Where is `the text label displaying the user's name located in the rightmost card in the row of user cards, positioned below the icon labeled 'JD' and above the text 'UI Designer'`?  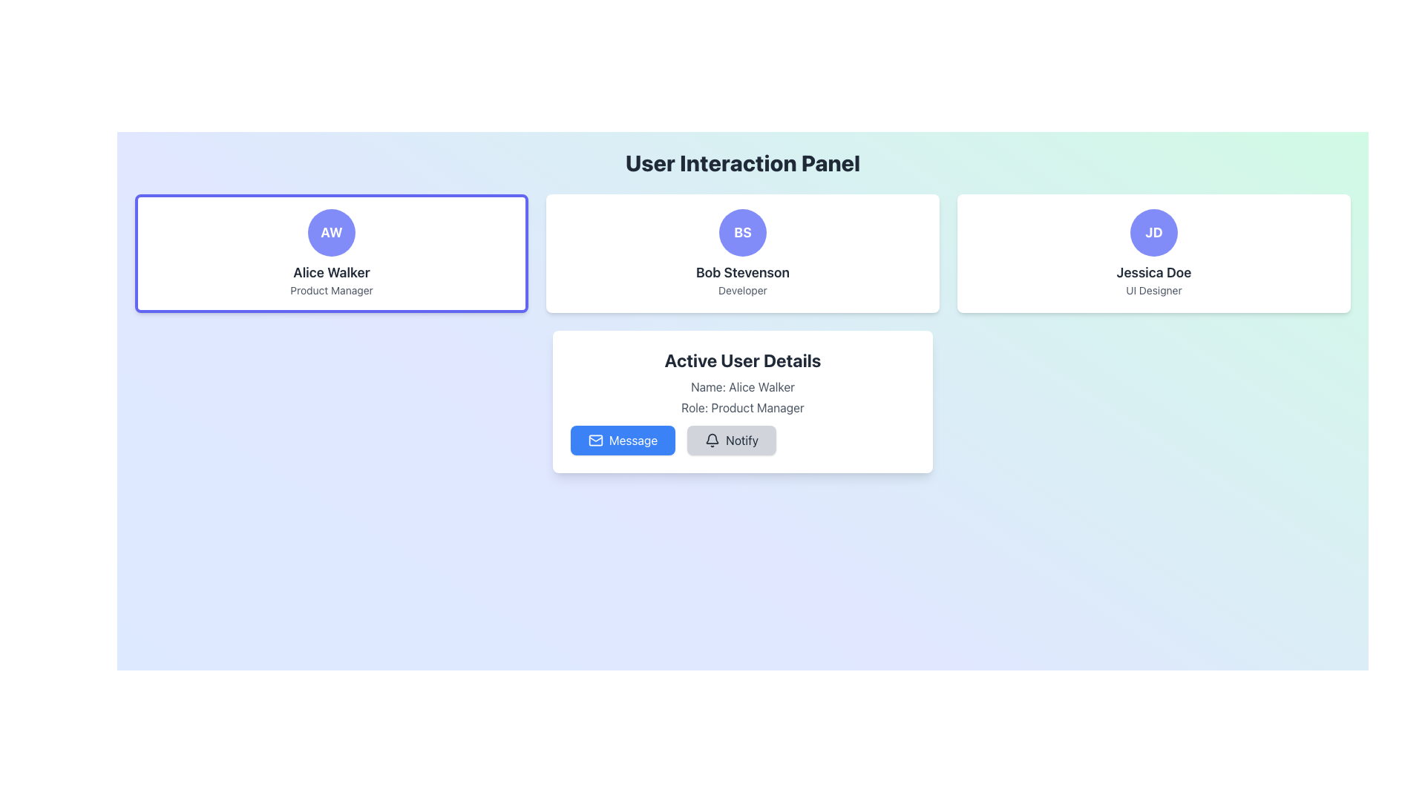
the text label displaying the user's name located in the rightmost card in the row of user cards, positioned below the icon labeled 'JD' and above the text 'UI Designer' is located at coordinates (1153, 272).